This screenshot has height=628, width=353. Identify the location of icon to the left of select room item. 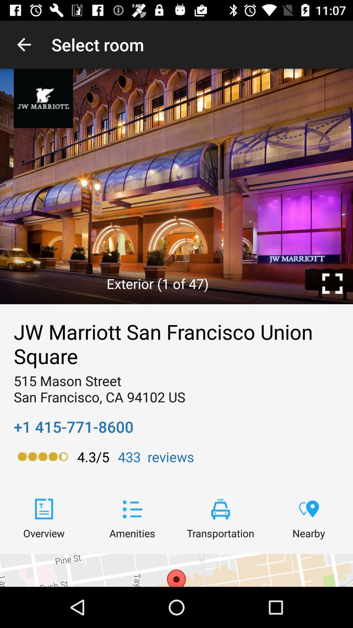
(24, 44).